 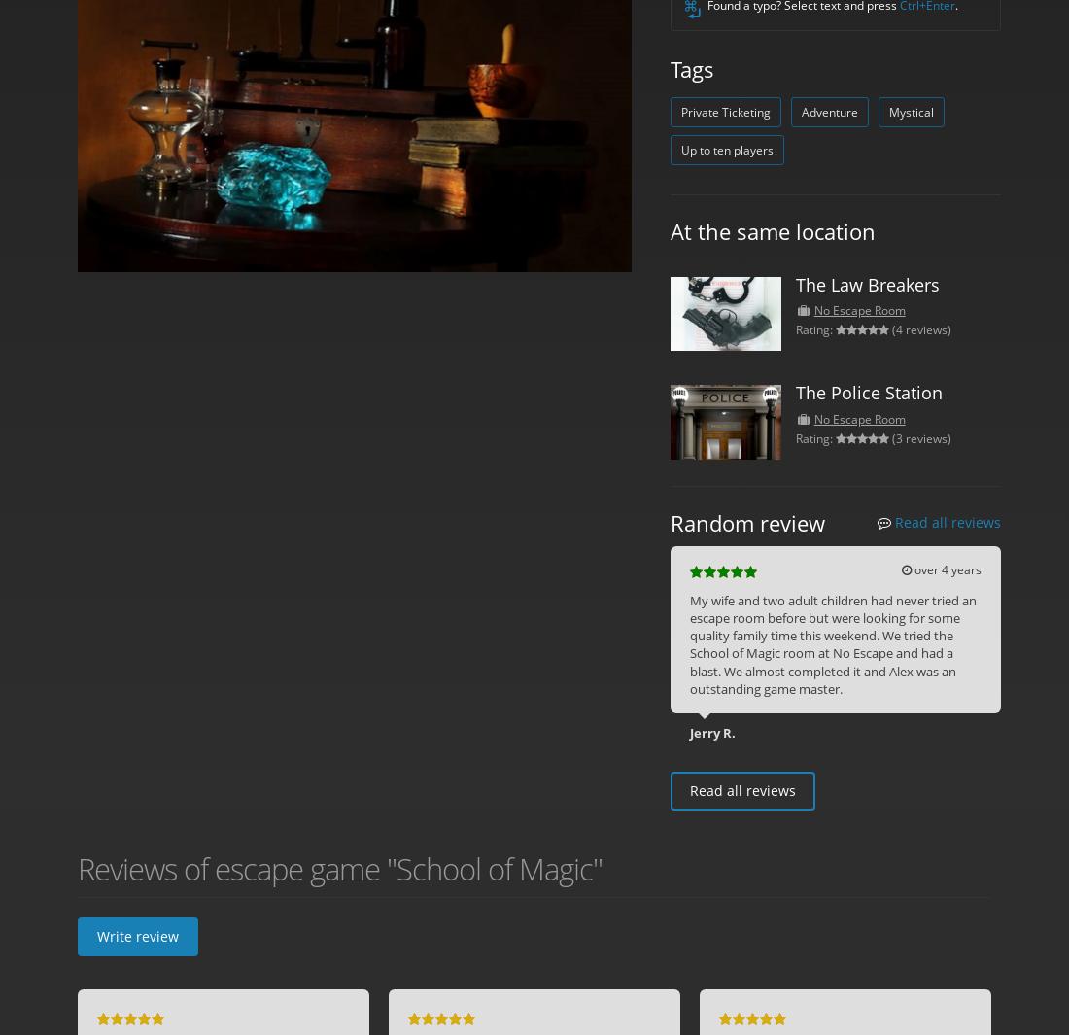 I want to click on 'Up to ten players', so click(x=726, y=149).